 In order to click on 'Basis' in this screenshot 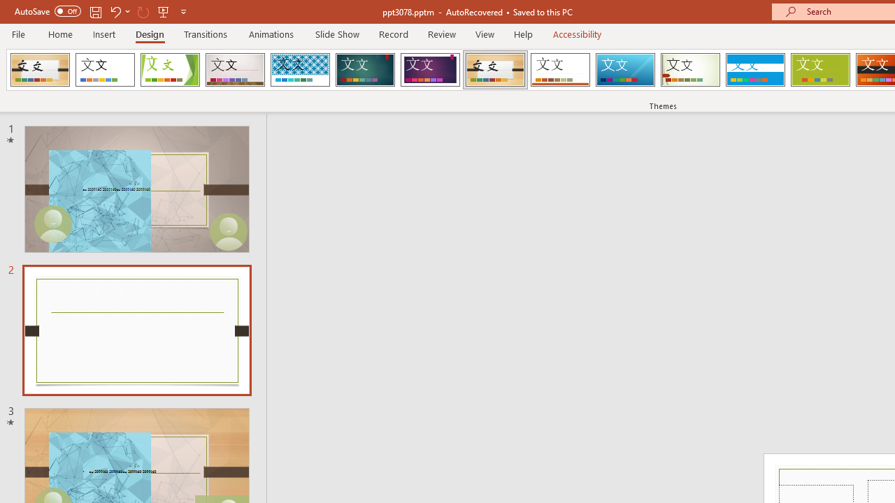, I will do `click(820, 70)`.